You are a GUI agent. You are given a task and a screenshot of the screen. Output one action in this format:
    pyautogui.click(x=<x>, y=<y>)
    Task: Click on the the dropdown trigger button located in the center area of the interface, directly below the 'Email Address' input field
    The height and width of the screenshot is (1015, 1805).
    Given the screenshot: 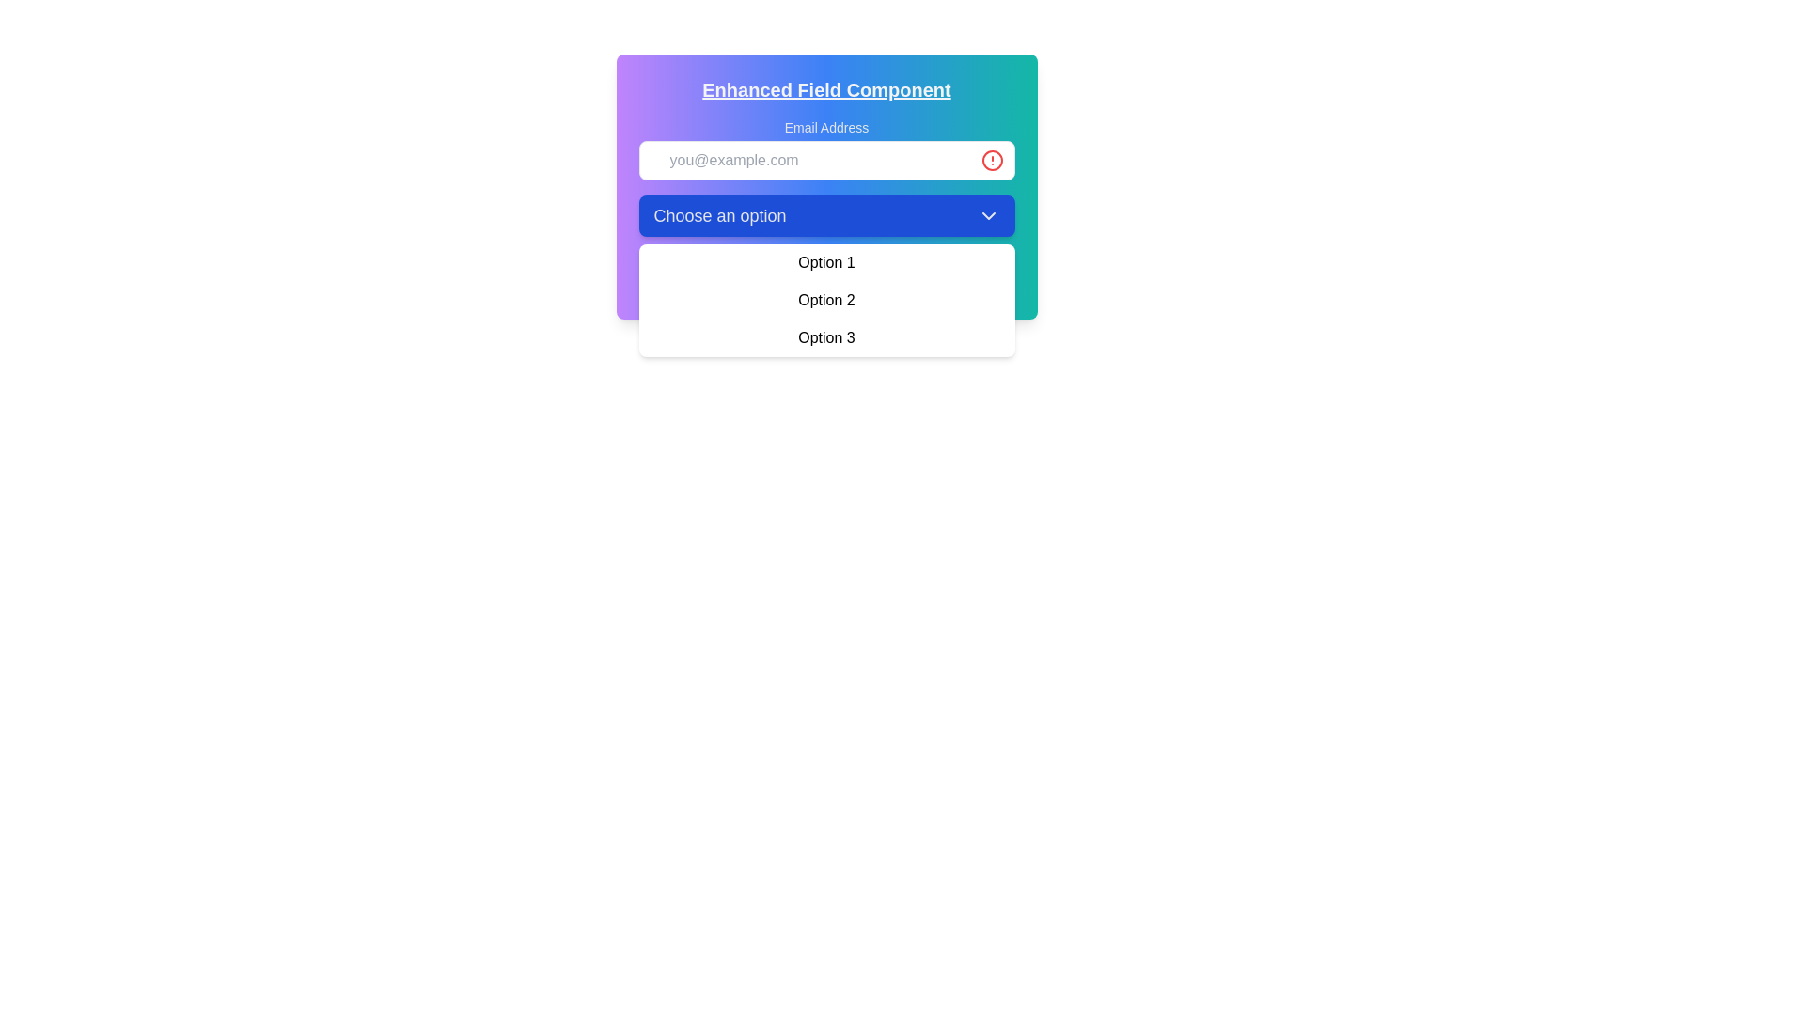 What is the action you would take?
    pyautogui.click(x=826, y=215)
    